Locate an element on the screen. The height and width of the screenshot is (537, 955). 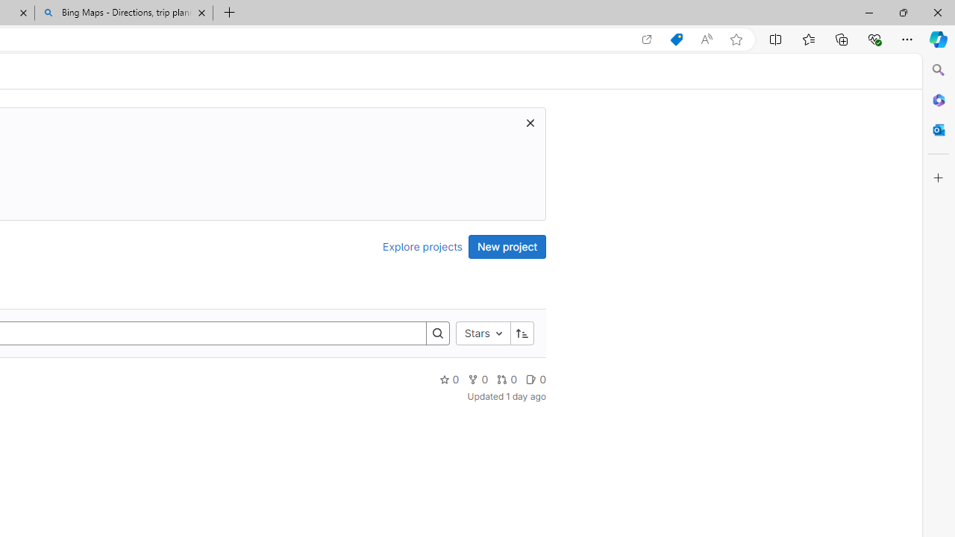
'Sort direction: Ascending' is located at coordinates (522, 332).